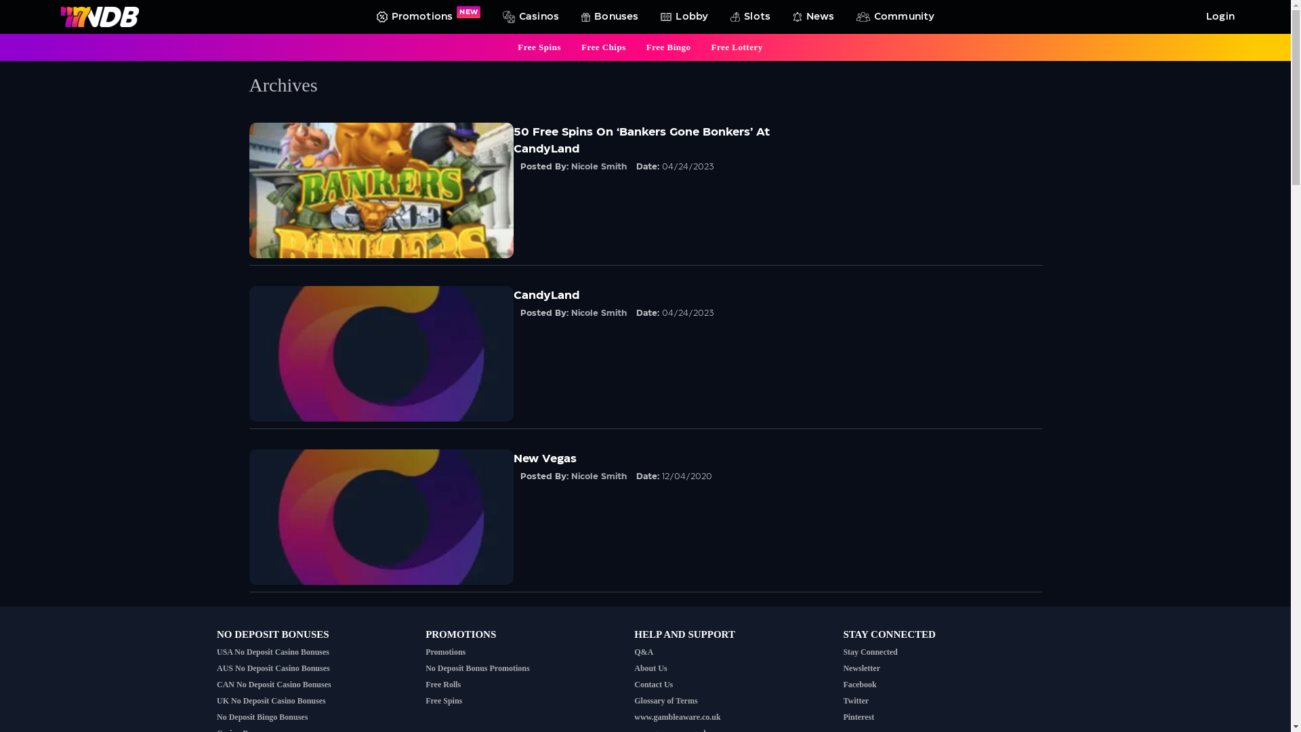 The width and height of the screenshot is (1301, 732). Describe the element at coordinates (650, 668) in the screenshot. I see `'About Us'` at that location.